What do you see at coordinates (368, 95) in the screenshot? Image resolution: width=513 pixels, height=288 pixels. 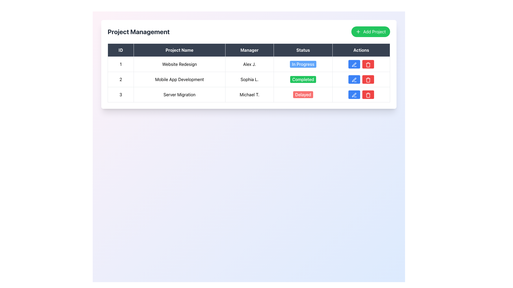 I see `the red trash bin icon in the 'Actions' column of the table` at bounding box center [368, 95].